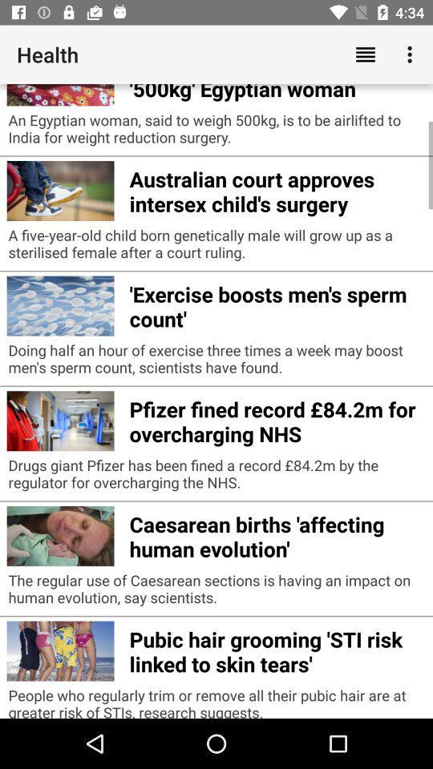  Describe the element at coordinates (276, 534) in the screenshot. I see `item above the the regular use` at that location.